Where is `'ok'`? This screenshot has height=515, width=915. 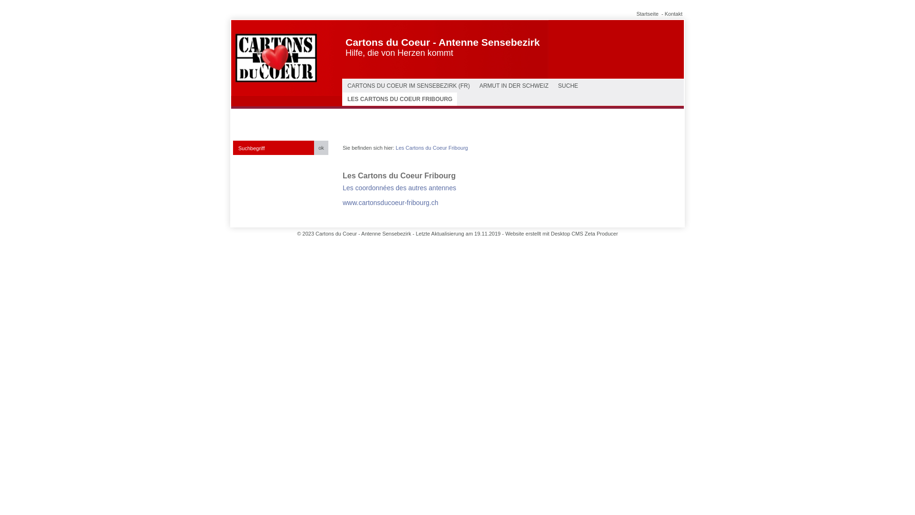
'ok' is located at coordinates (321, 147).